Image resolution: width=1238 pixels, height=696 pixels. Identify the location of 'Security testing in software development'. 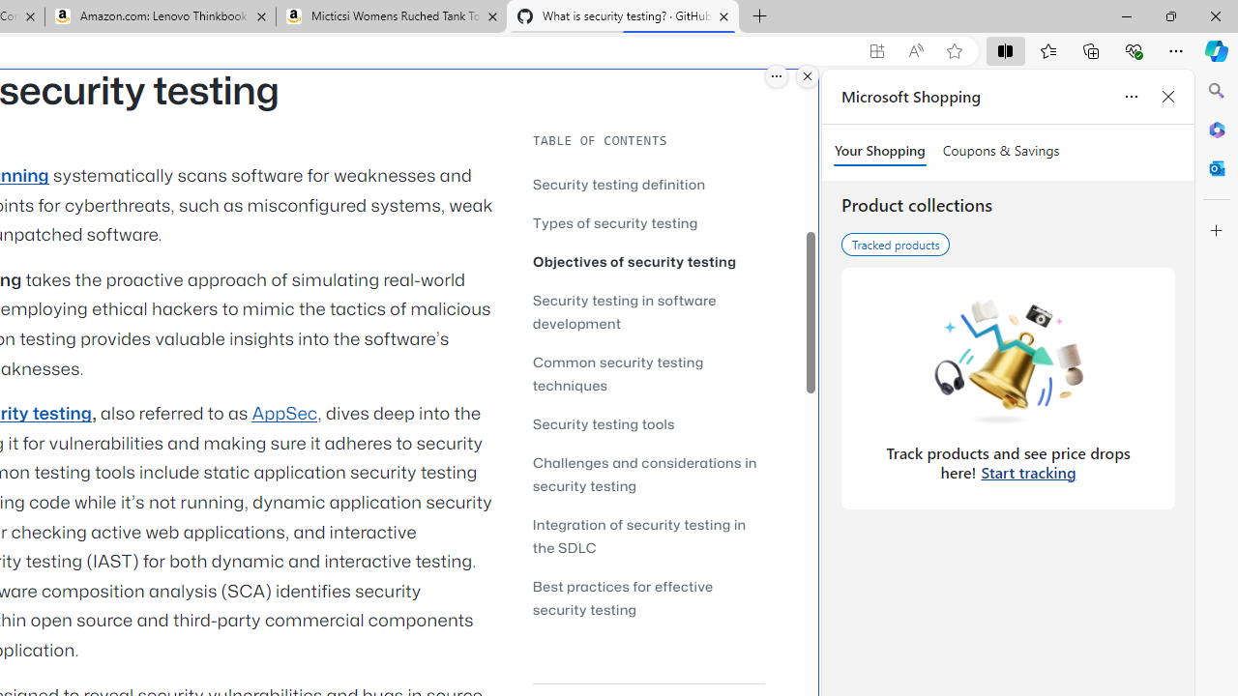
(648, 310).